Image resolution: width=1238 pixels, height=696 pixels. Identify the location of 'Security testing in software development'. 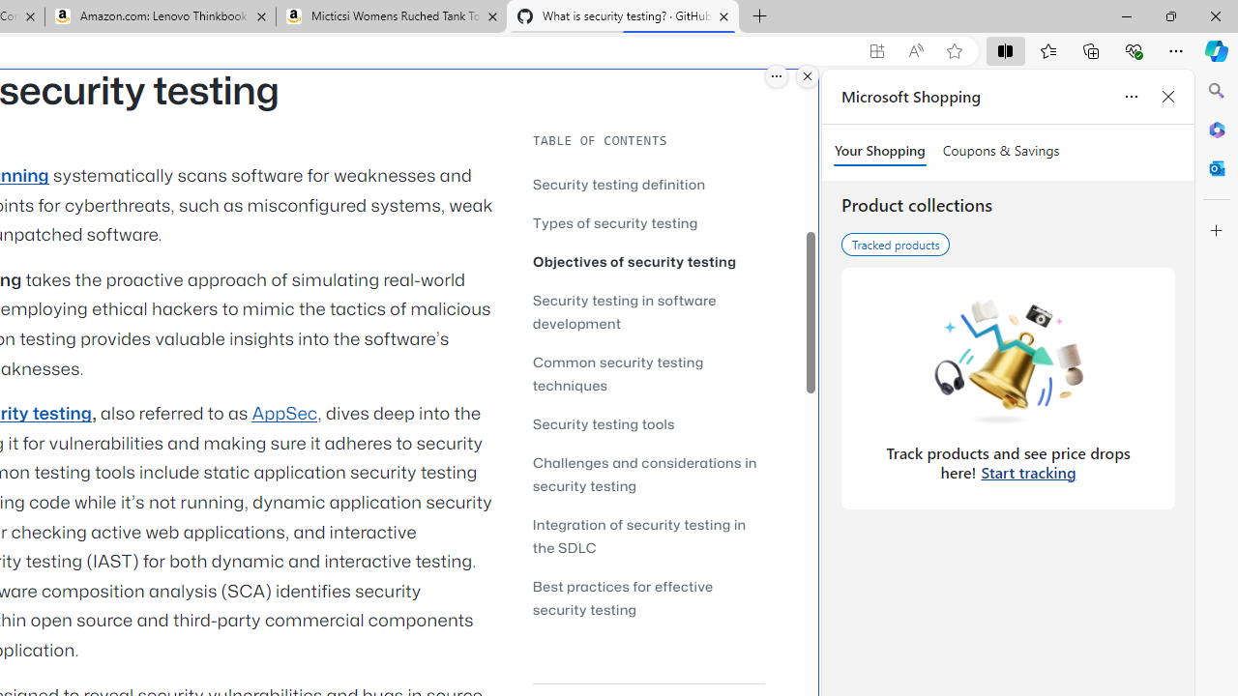
(648, 310).